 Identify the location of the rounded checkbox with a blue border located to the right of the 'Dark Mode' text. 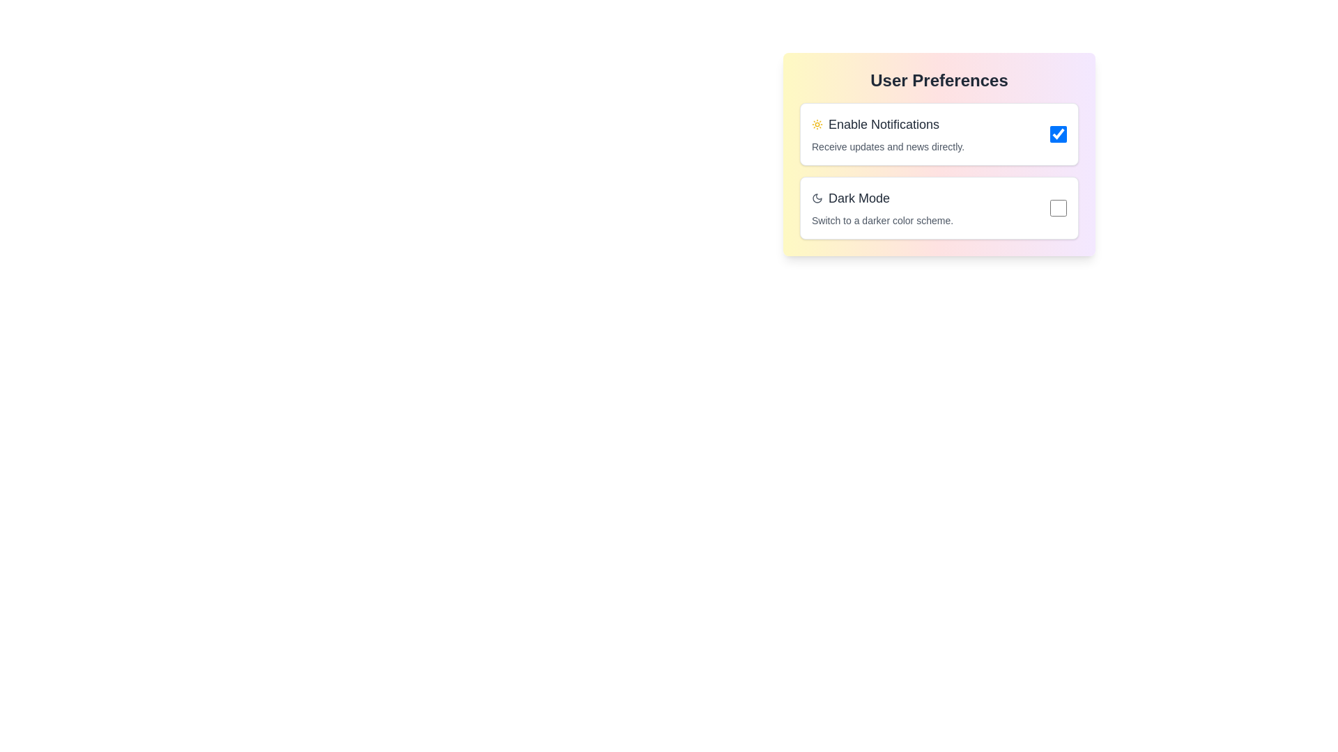
(1058, 208).